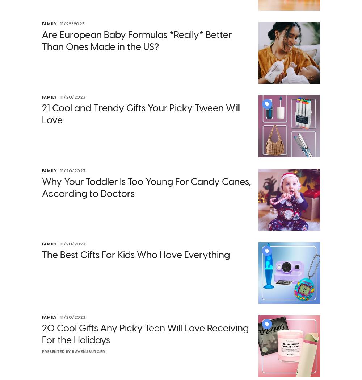 This screenshot has width=362, height=380. I want to click on '11/22/2023', so click(60, 24).